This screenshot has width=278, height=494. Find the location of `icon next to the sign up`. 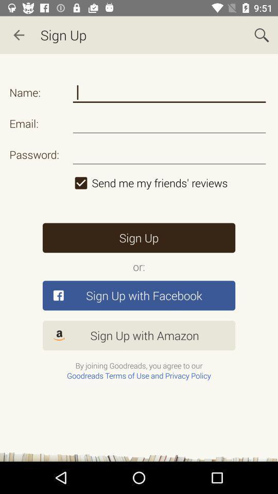

icon next to the sign up is located at coordinates (262, 35).